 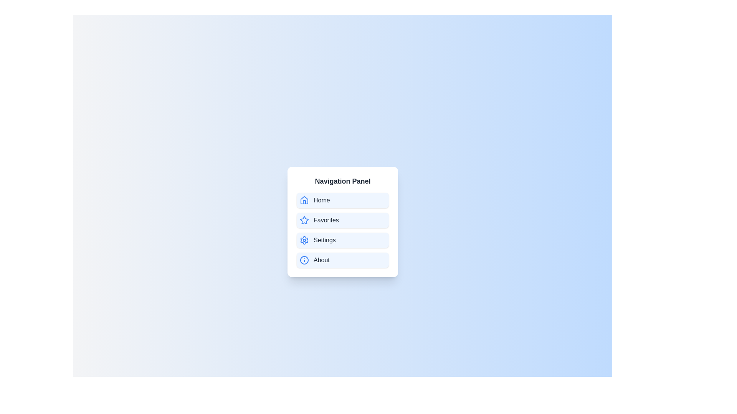 I want to click on the gear-shaped icon in the 'Settings' section of the navigation panel, so click(x=304, y=240).